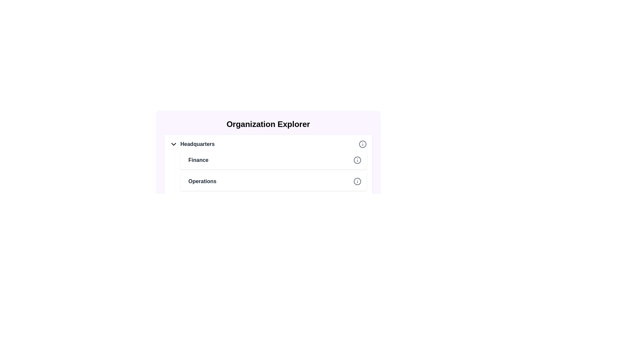 The width and height of the screenshot is (639, 359). I want to click on the information icon, which is a gray circular outline with a vertical line and a dot above it, positioned to the right of the text 'Headquarters', so click(362, 144).